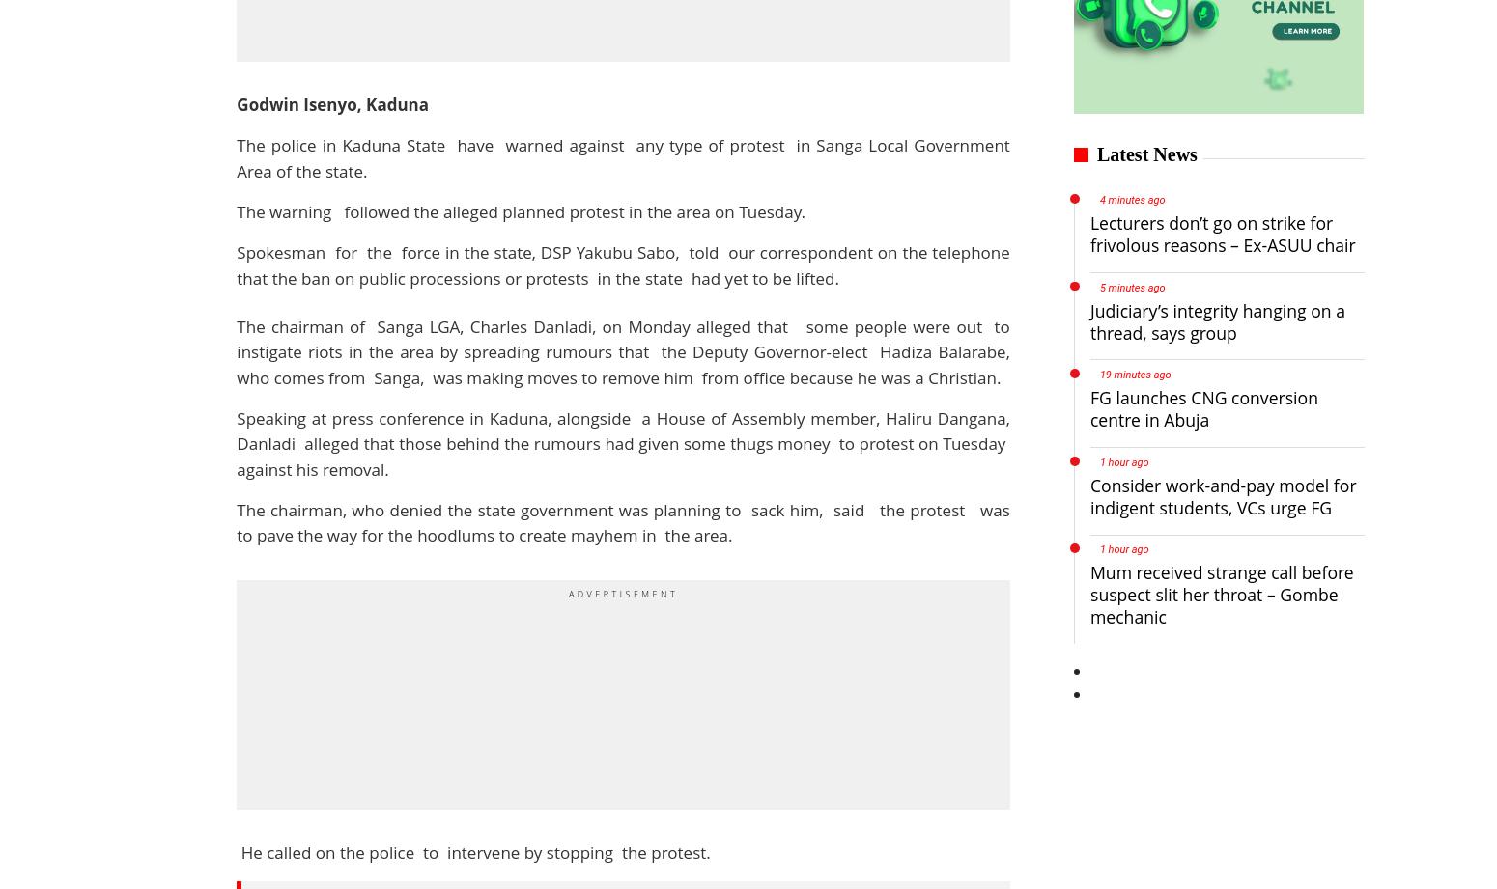  Describe the element at coordinates (177, 388) in the screenshot. I see `'February 19, 2022'` at that location.